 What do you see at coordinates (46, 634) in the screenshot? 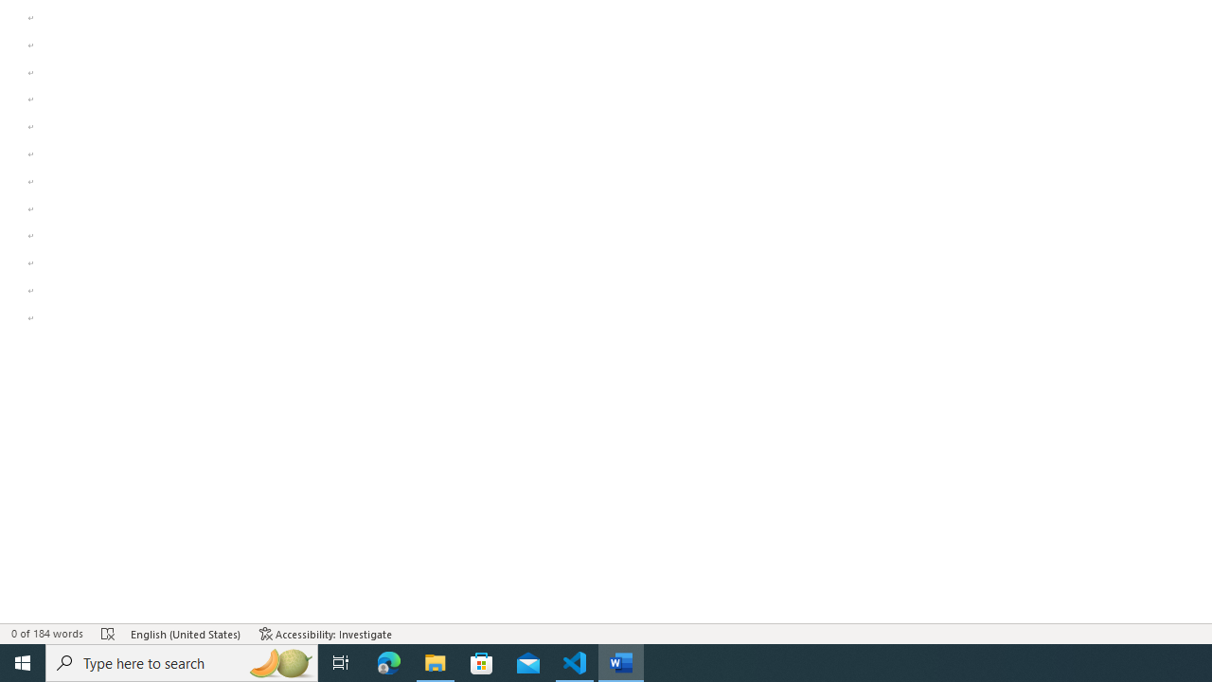
I see `'Word Count 0 of 184 words'` at bounding box center [46, 634].